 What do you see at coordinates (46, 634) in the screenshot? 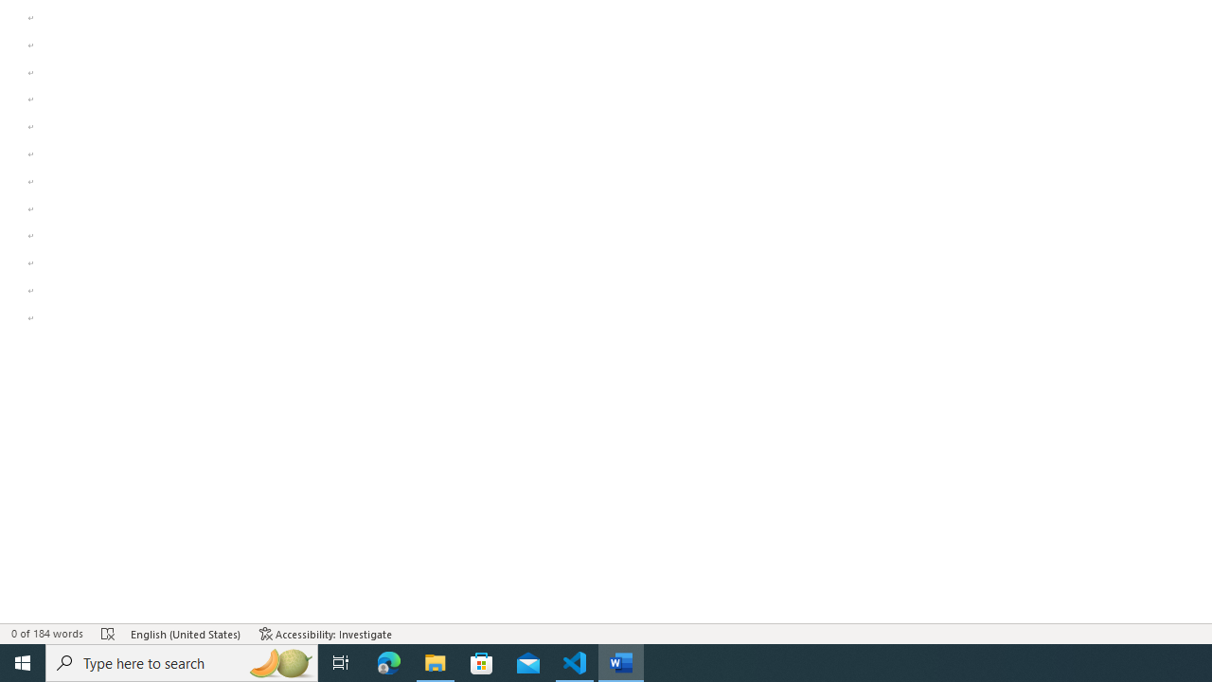
I see `'Word Count 0 of 184 words'` at bounding box center [46, 634].